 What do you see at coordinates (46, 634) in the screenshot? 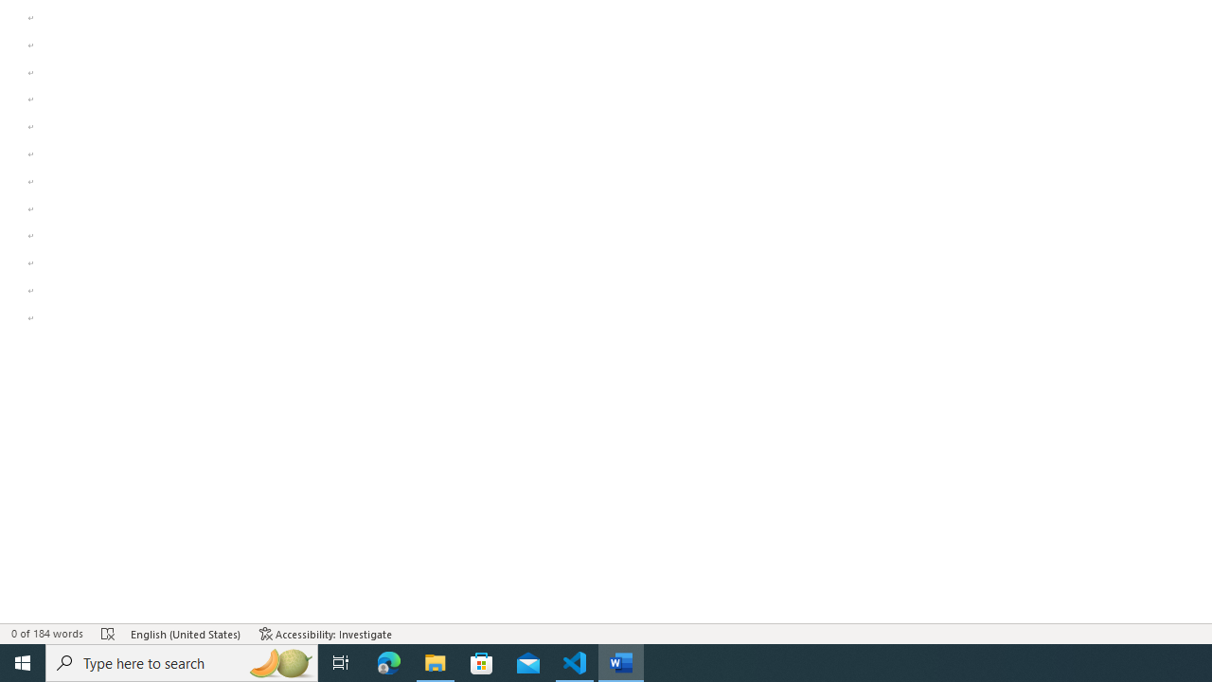
I see `'Word Count 0 of 184 words'` at bounding box center [46, 634].